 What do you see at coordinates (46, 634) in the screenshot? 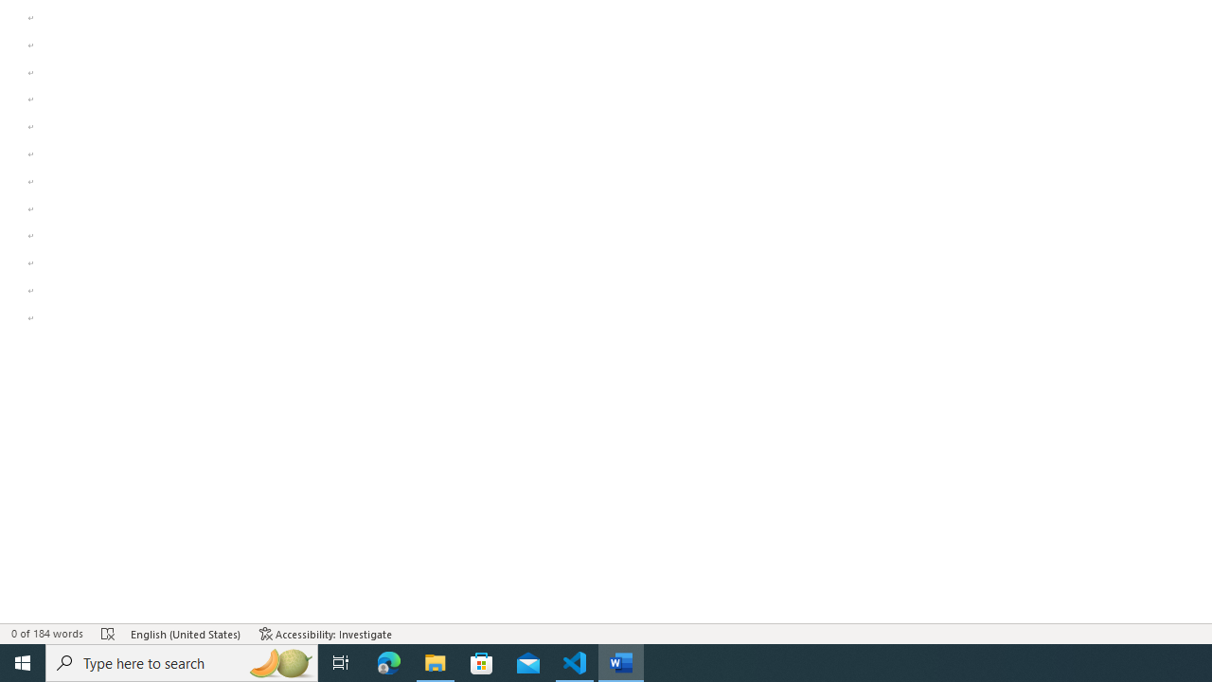
I see `'Word Count 0 of 184 words'` at bounding box center [46, 634].